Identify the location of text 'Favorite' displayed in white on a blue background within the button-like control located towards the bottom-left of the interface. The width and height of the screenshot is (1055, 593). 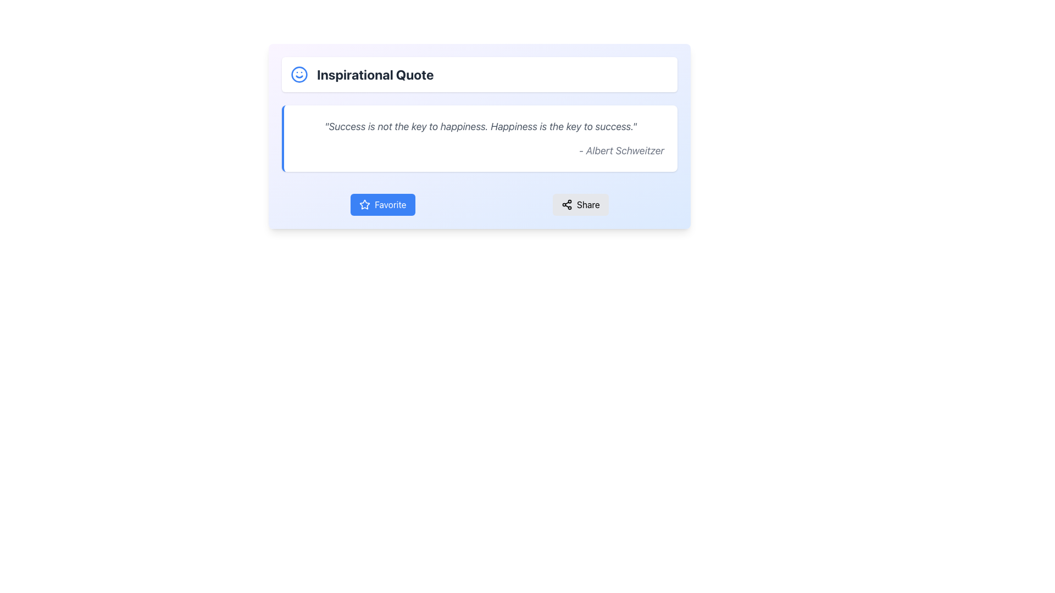
(390, 205).